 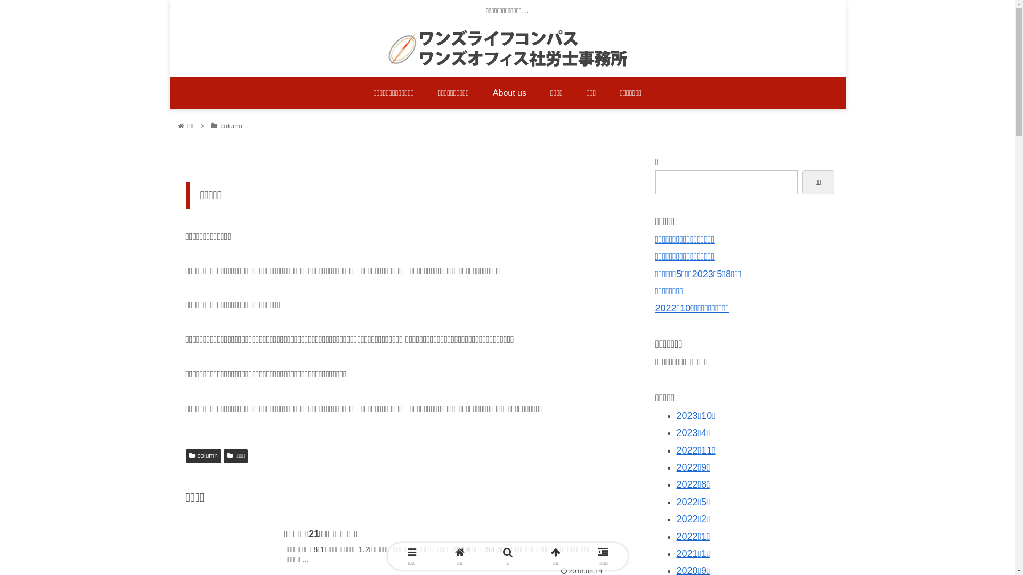 What do you see at coordinates (230, 125) in the screenshot?
I see `'column'` at bounding box center [230, 125].